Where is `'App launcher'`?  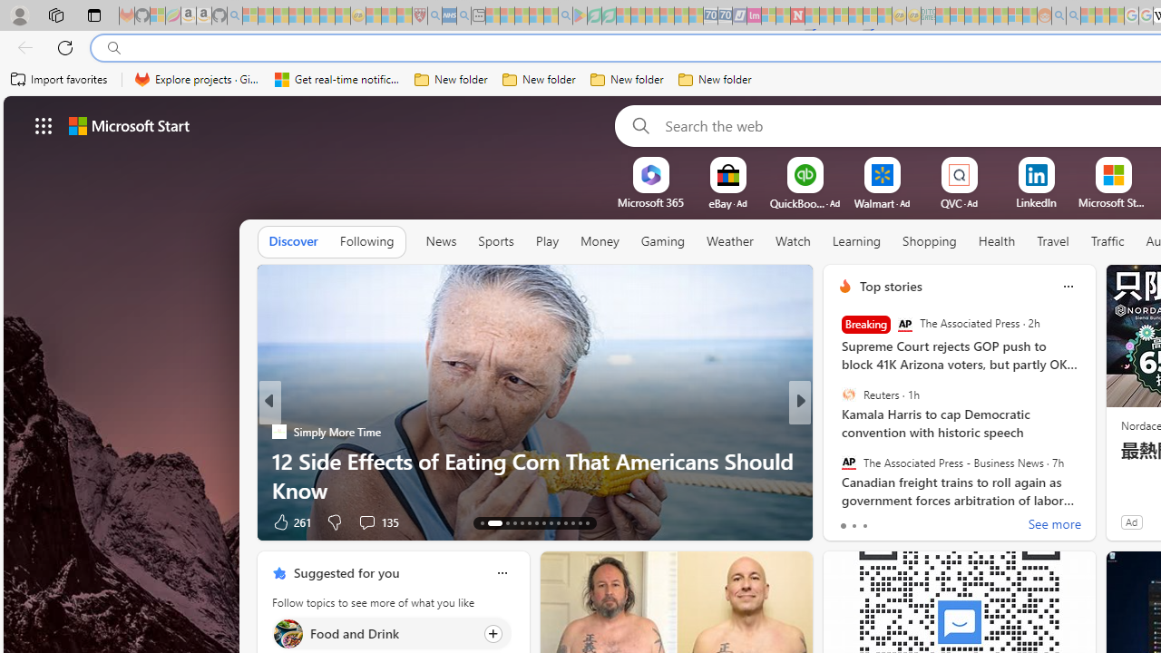 'App launcher' is located at coordinates (44, 124).